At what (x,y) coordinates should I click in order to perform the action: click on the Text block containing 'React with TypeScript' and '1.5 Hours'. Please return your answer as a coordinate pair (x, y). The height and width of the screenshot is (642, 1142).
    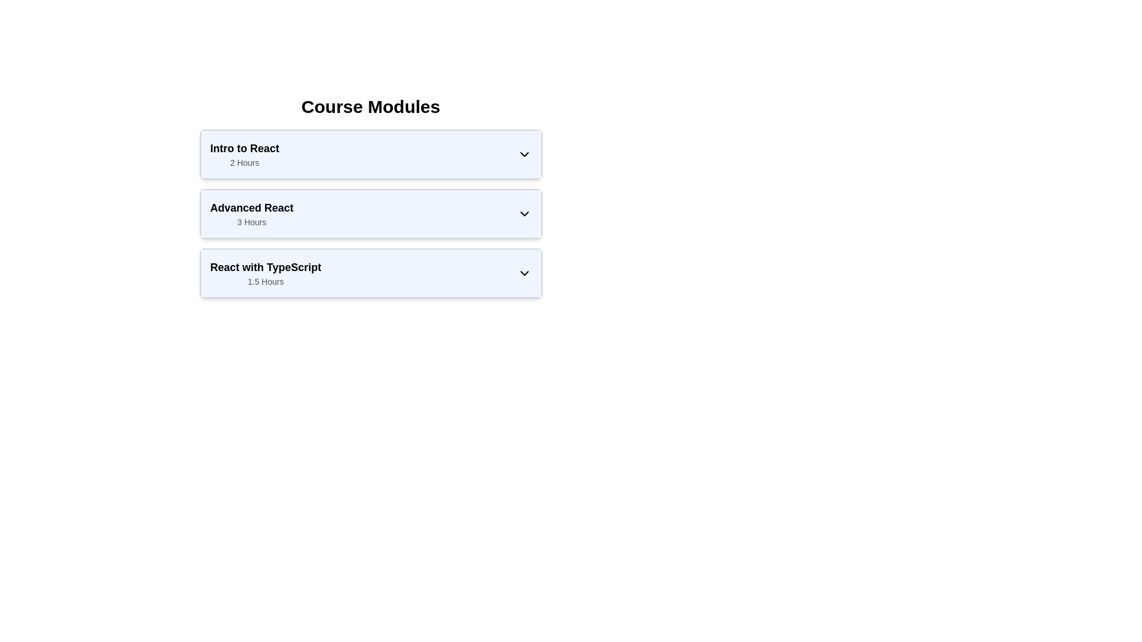
    Looking at the image, I should click on (265, 273).